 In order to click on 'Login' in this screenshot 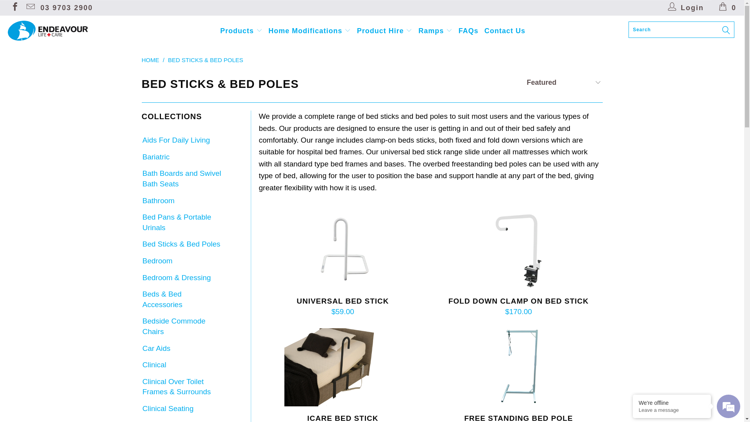, I will do `click(686, 7)`.